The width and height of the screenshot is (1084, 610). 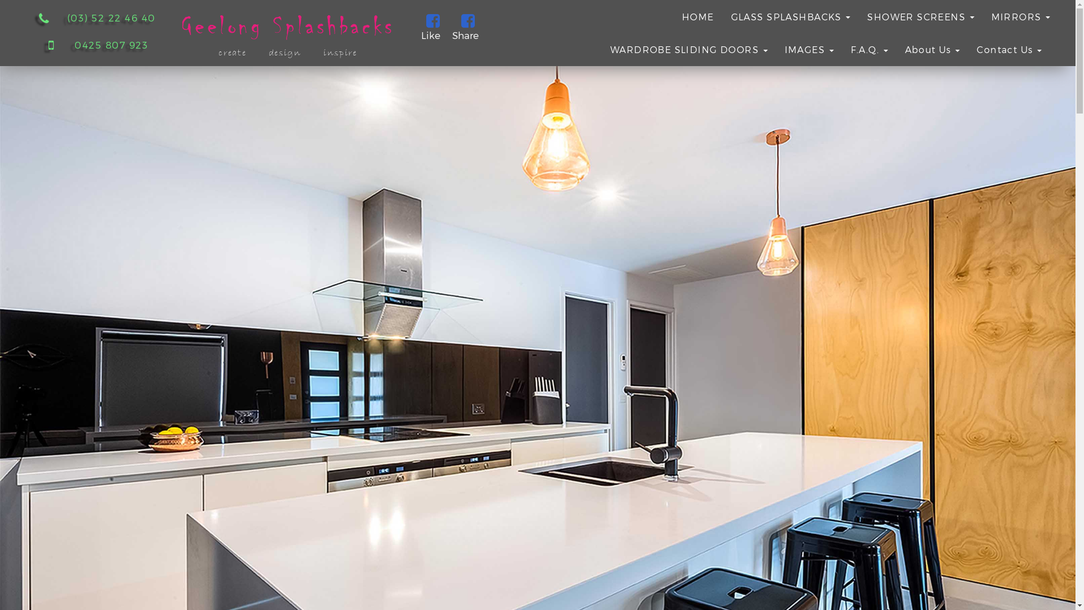 What do you see at coordinates (790, 16) in the screenshot?
I see `'GLASS SPLASHBACKS'` at bounding box center [790, 16].